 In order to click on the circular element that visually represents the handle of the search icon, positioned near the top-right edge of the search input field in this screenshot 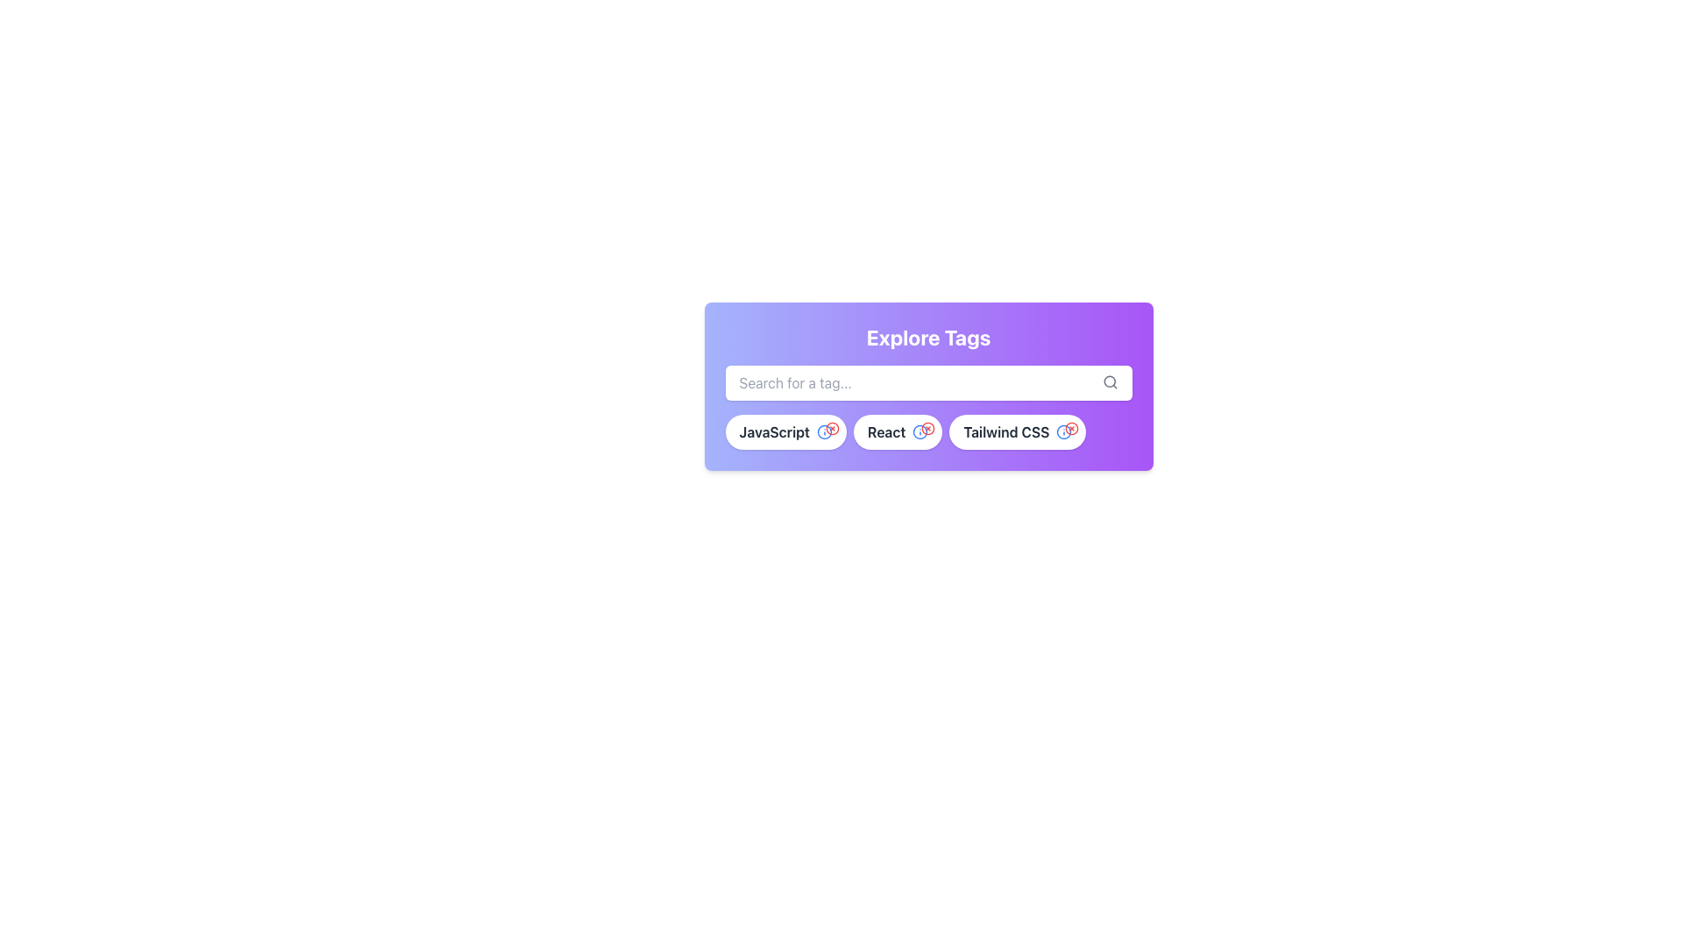, I will do `click(1108, 381)`.